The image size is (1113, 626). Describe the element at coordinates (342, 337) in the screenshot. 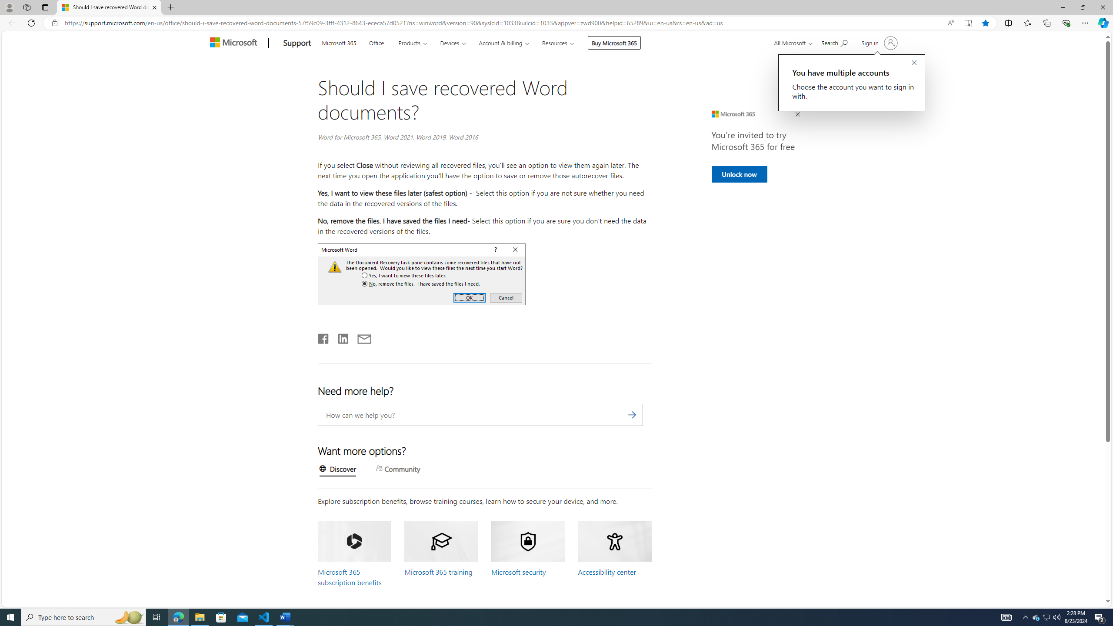

I see `'LinkedIn'` at that location.